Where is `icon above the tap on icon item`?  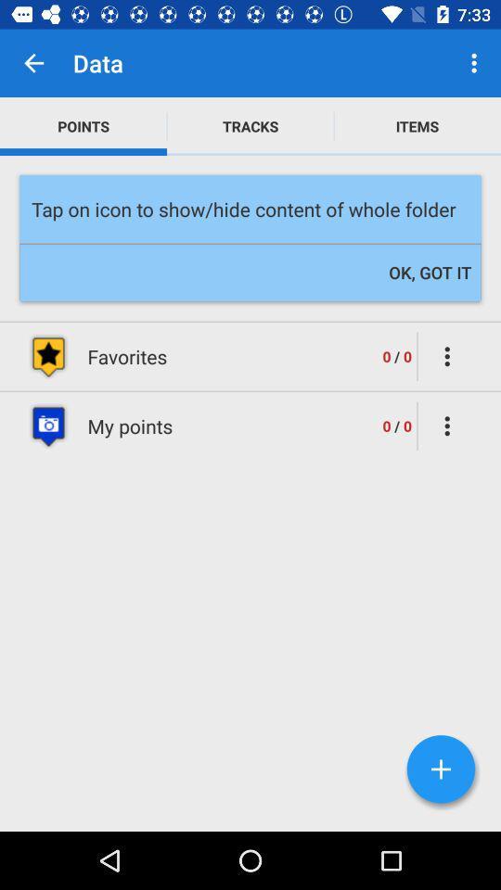 icon above the tap on icon item is located at coordinates (250, 125).